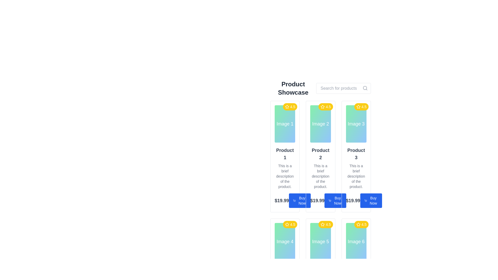  What do you see at coordinates (325, 224) in the screenshot?
I see `the yellow Rating badge with a white star icon and the text '4.5', located in the top-right corner of the product card for 'Image 5'` at bounding box center [325, 224].